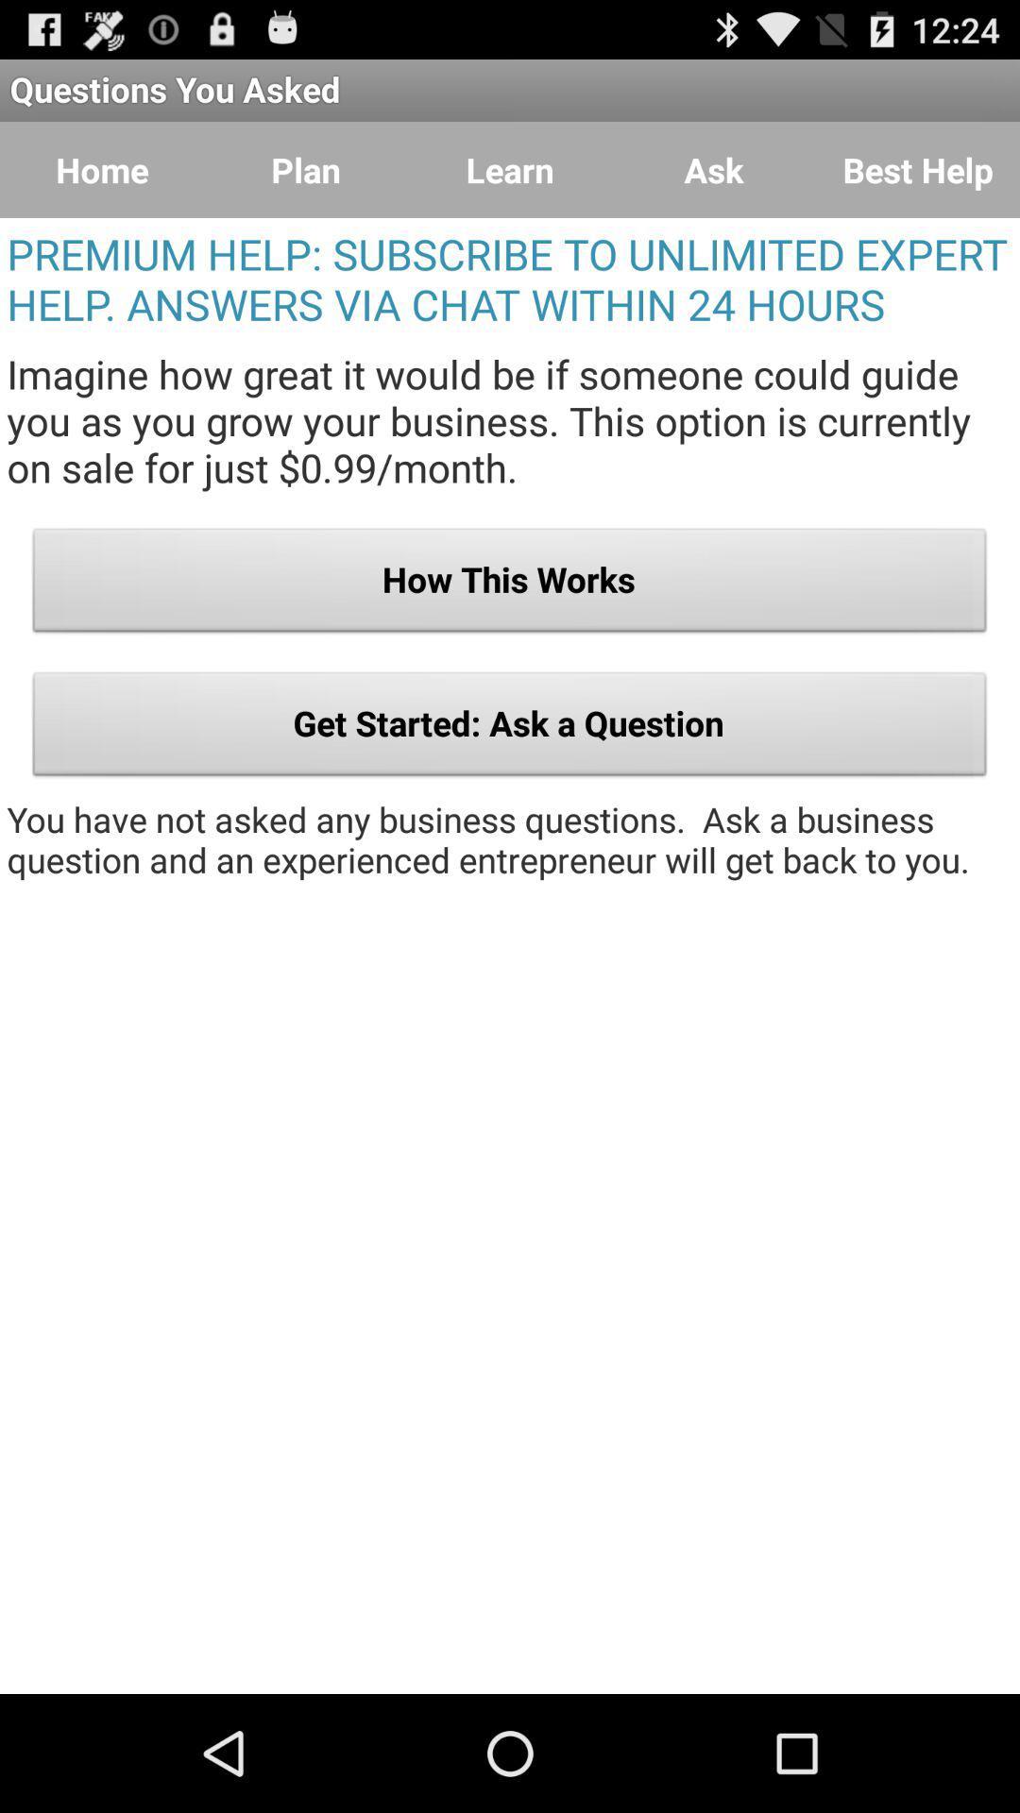 Image resolution: width=1020 pixels, height=1813 pixels. What do you see at coordinates (102, 170) in the screenshot?
I see `the home button` at bounding box center [102, 170].